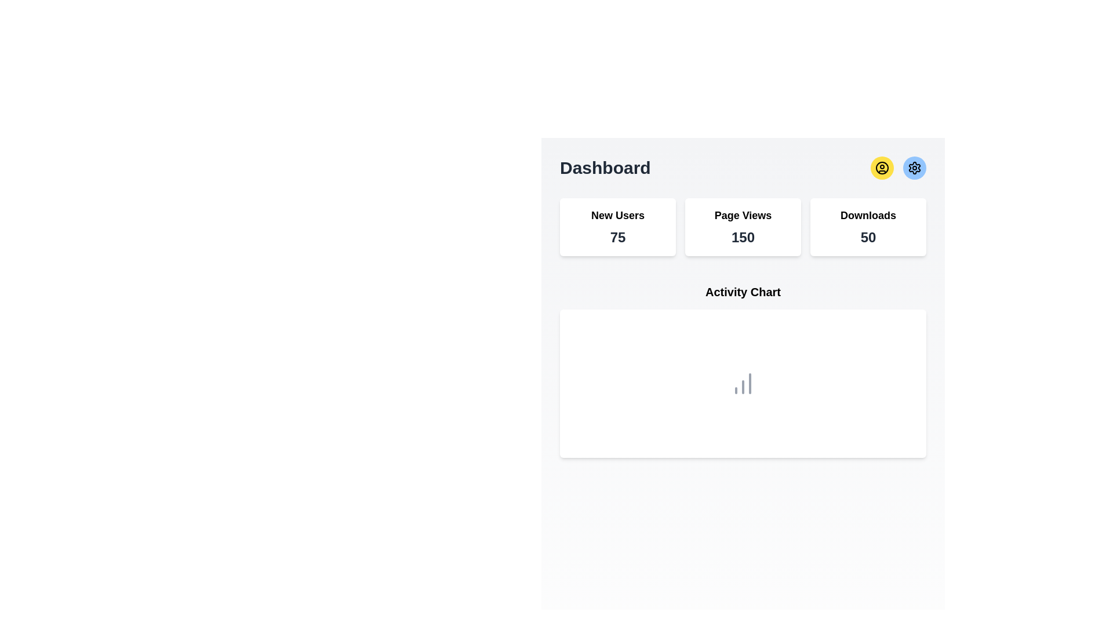 Image resolution: width=1113 pixels, height=626 pixels. What do you see at coordinates (868, 227) in the screenshot?
I see `the Statistic Card displaying the number of downloads, which is the third card from left to right in the grid layout, positioned to the right of the 'Page Views' card and below the 'Dashboard' header text` at bounding box center [868, 227].